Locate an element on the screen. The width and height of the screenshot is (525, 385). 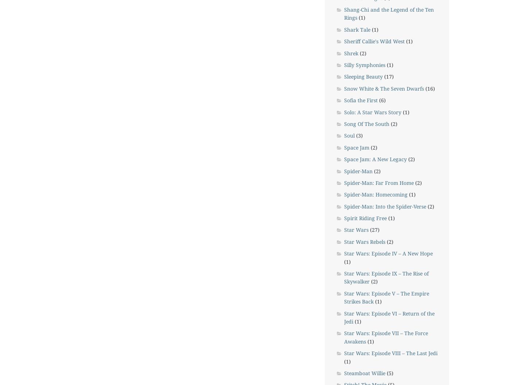
'(3)' is located at coordinates (358, 135).